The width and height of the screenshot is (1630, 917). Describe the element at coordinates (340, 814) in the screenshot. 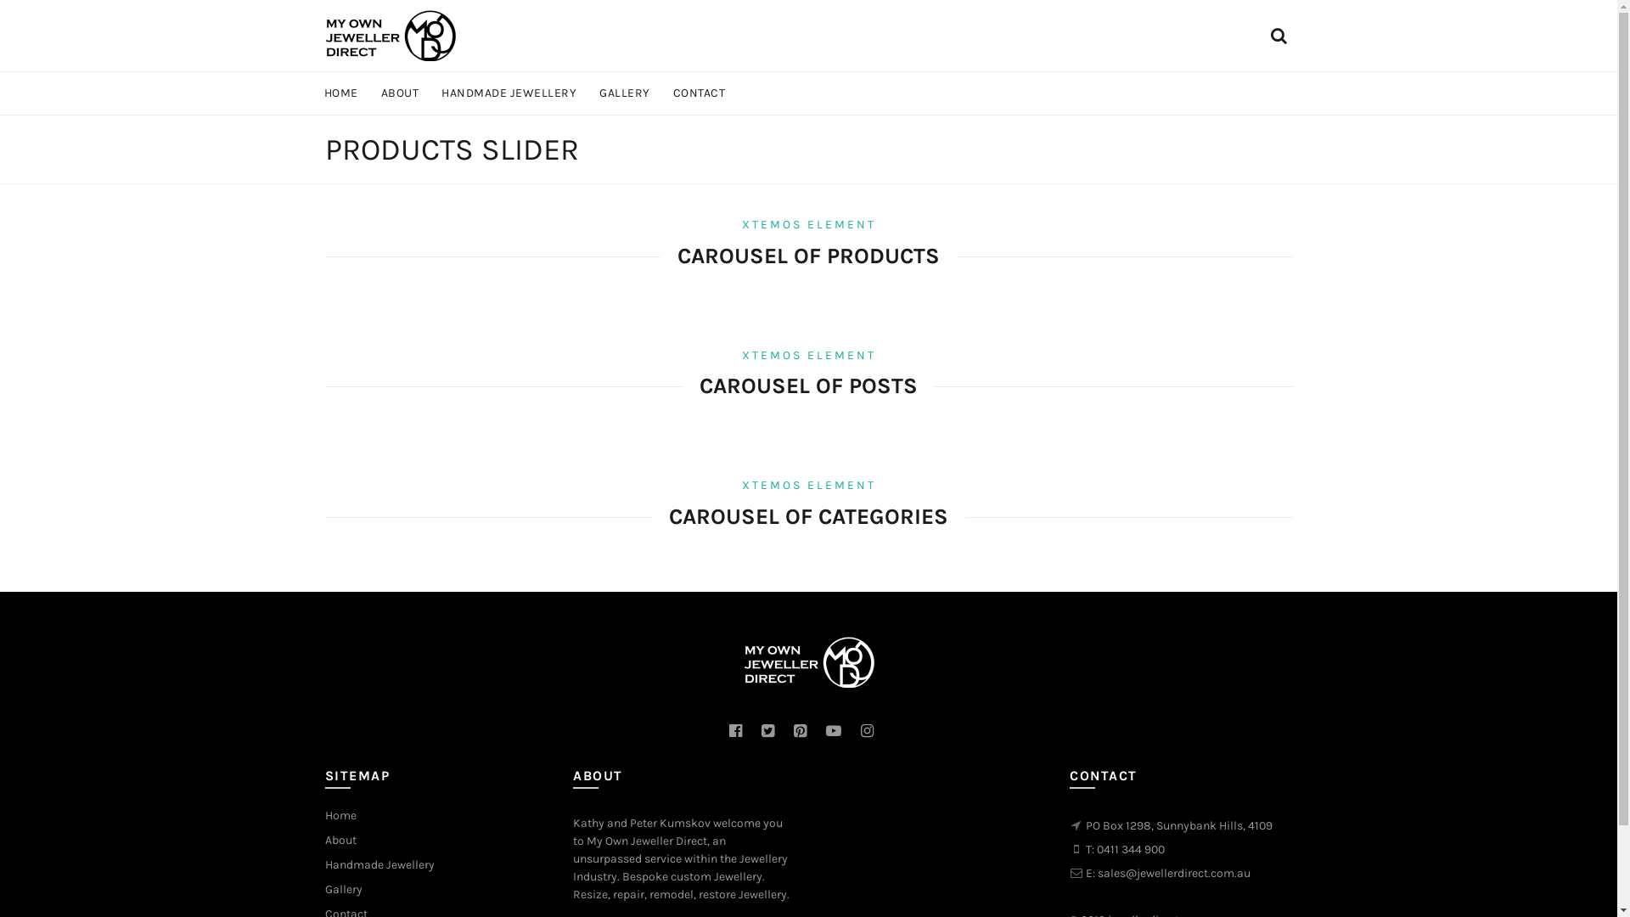

I see `'Home'` at that location.